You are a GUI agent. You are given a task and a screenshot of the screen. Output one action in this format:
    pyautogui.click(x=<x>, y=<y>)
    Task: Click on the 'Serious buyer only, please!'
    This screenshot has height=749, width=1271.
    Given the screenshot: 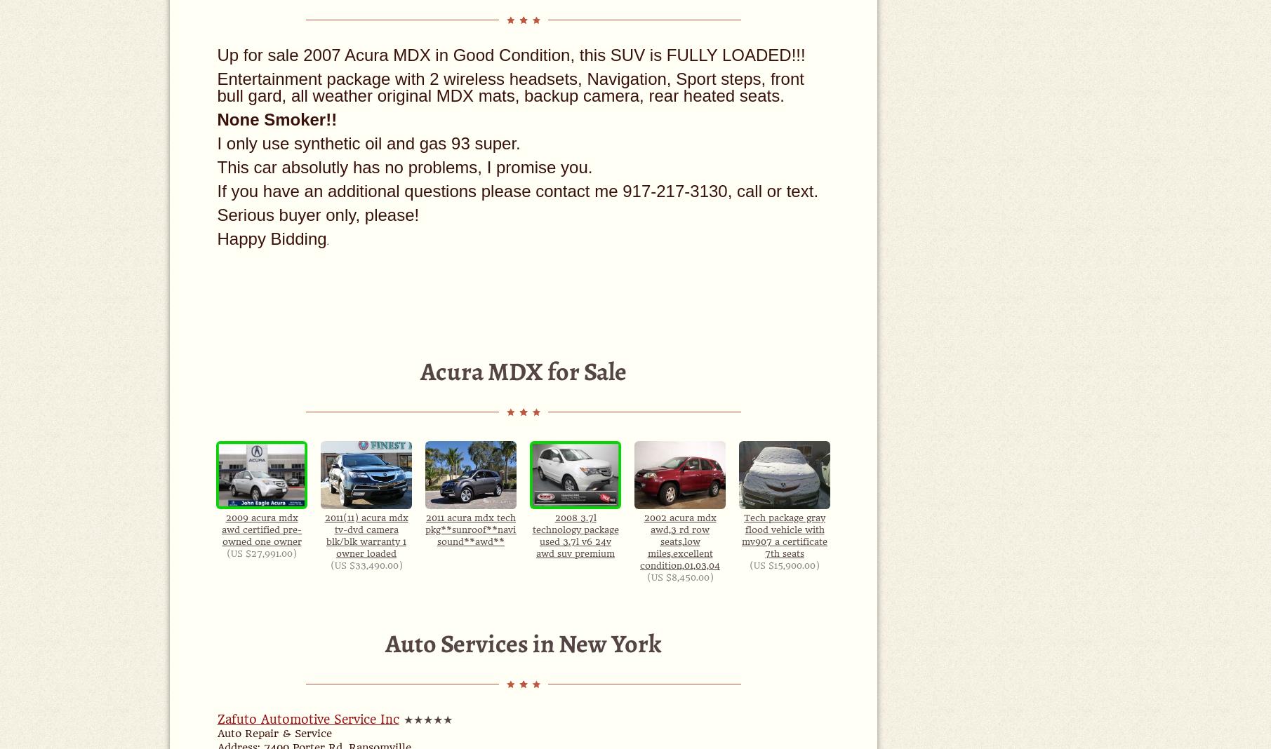 What is the action you would take?
    pyautogui.click(x=215, y=214)
    